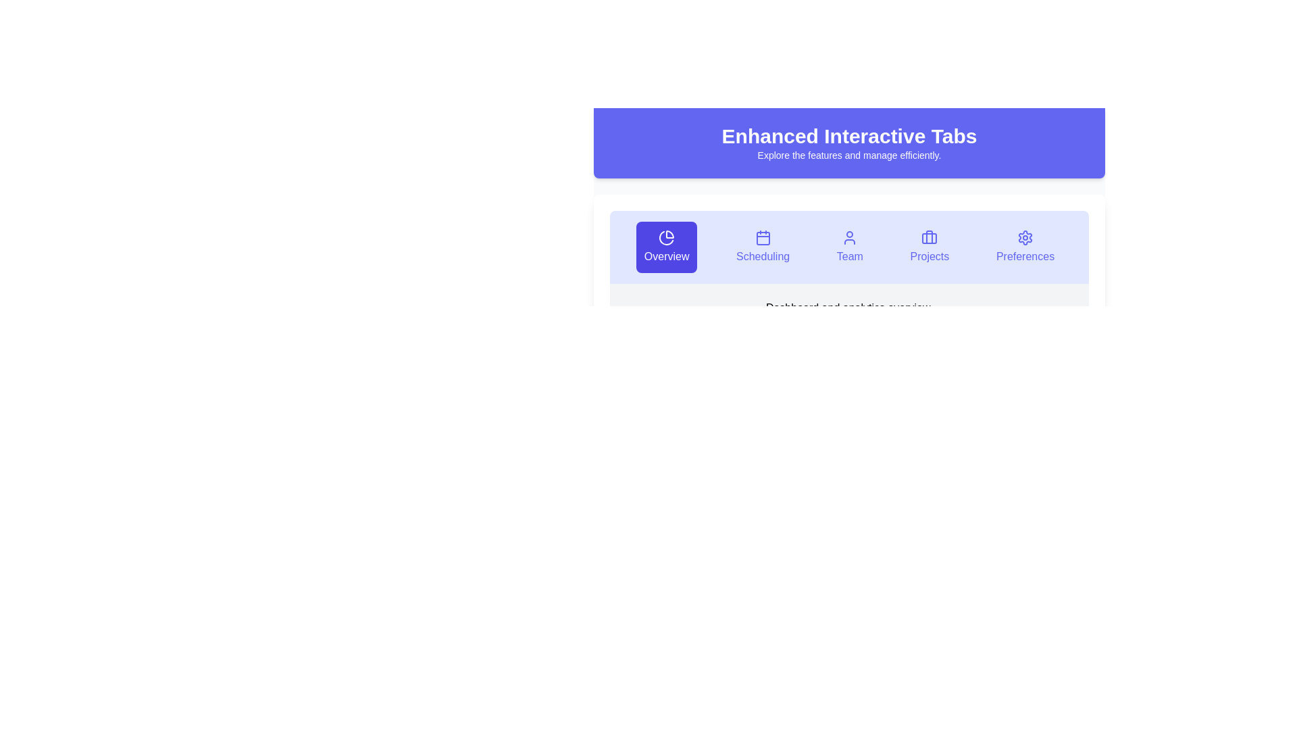 The height and width of the screenshot is (730, 1297). Describe the element at coordinates (849, 247) in the screenshot. I see `the interactive button labeled 'Team' in the top-center navigation bar to change its color for visual feedback` at that location.